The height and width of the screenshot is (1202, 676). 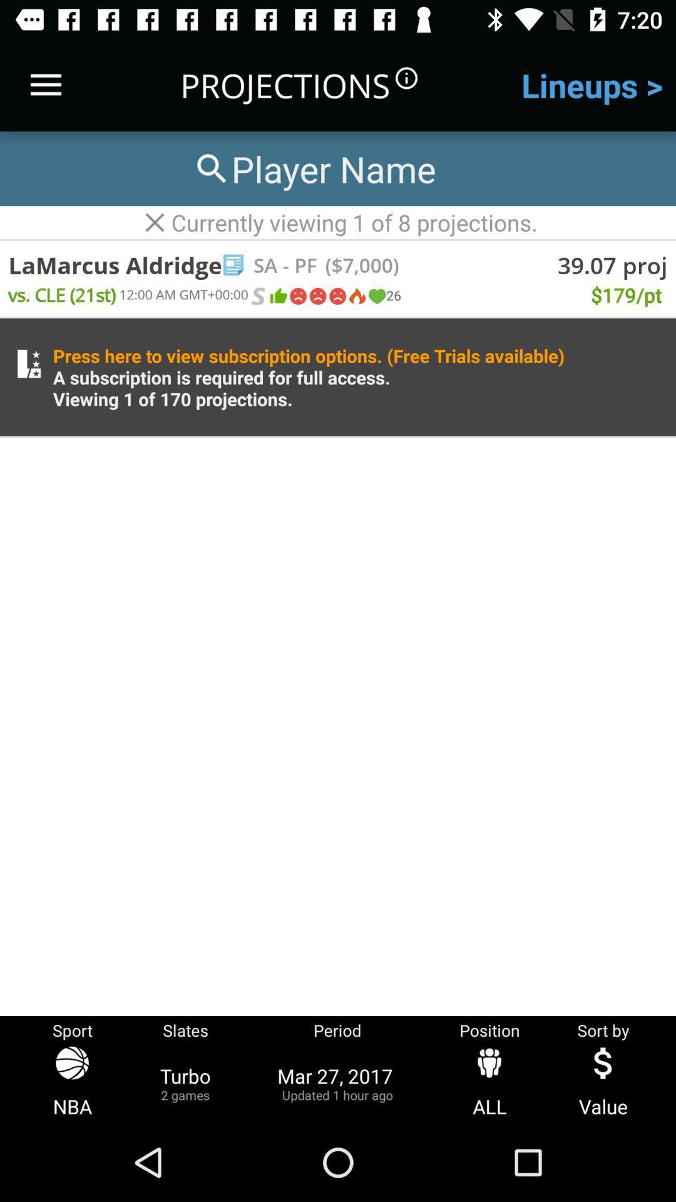 What do you see at coordinates (313, 168) in the screenshot?
I see `search for player name` at bounding box center [313, 168].